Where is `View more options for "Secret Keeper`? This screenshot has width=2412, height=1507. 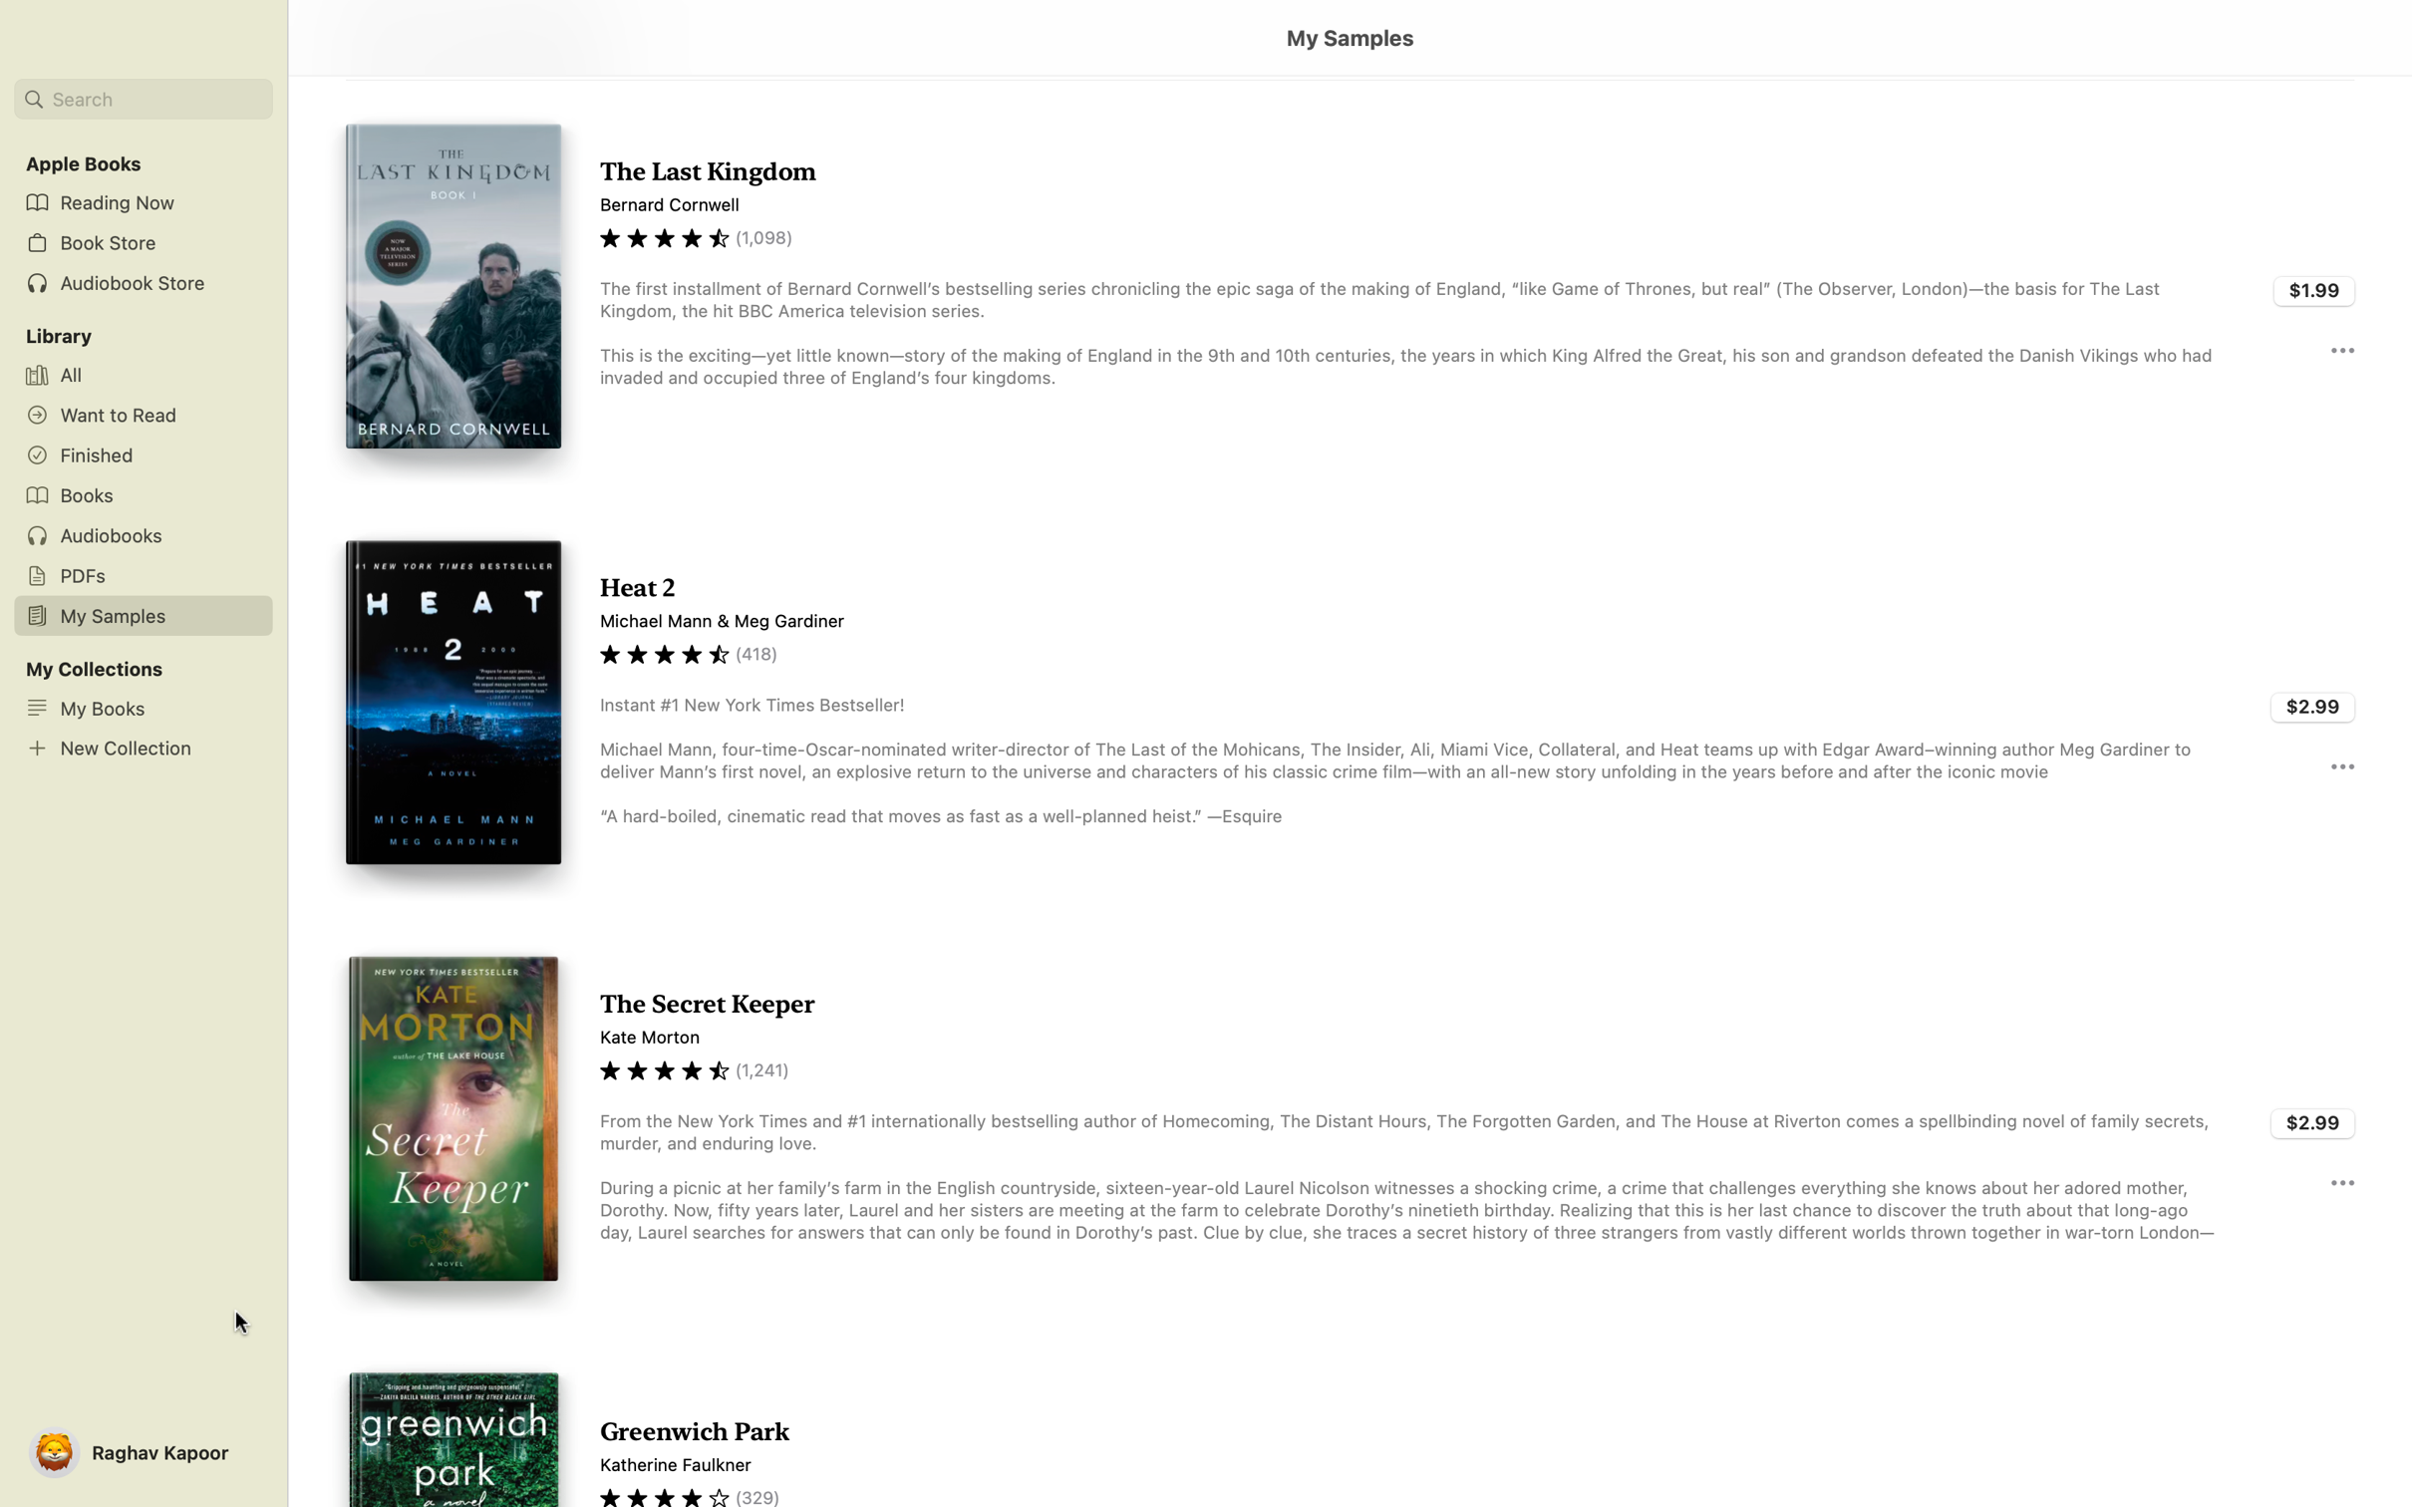 View more options for "Secret Keeper is located at coordinates (7864326, 2482029).